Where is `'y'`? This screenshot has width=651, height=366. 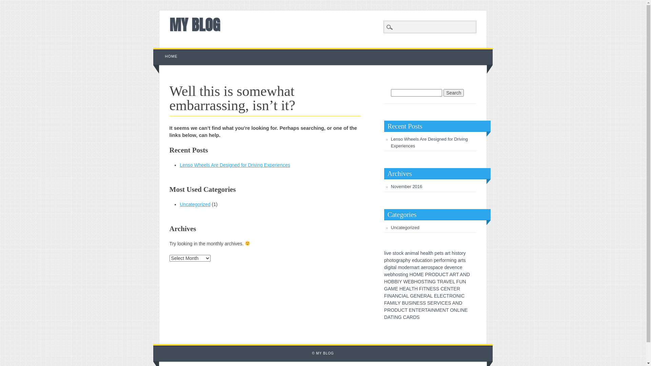
'y' is located at coordinates (464, 253).